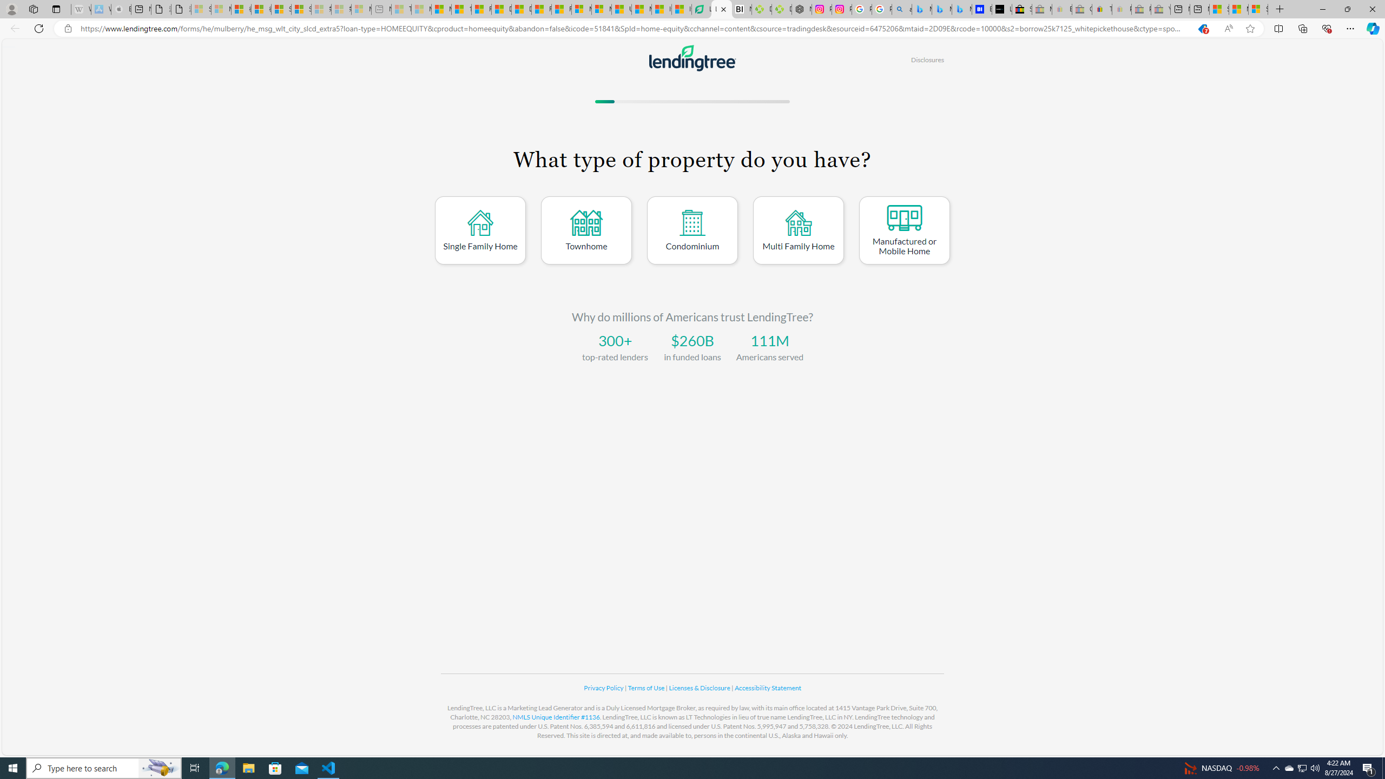 The width and height of the screenshot is (1385, 779). I want to click on 'alabama high school quarterback dies - Search', so click(902, 9).